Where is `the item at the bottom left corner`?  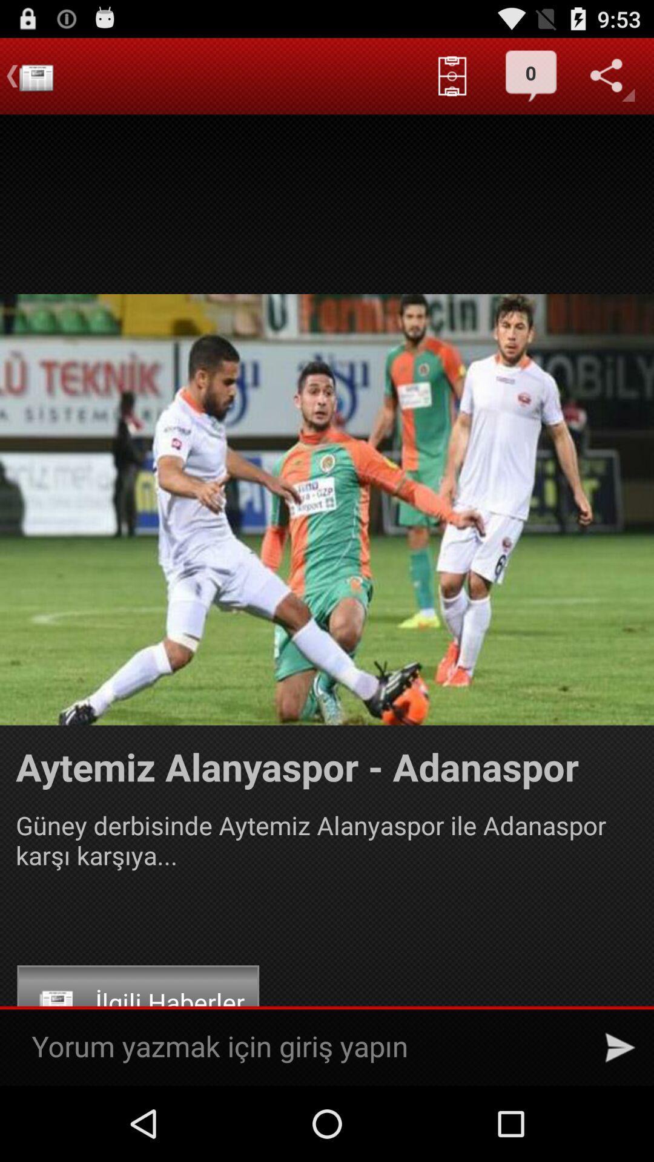
the item at the bottom left corner is located at coordinates (137, 1002).